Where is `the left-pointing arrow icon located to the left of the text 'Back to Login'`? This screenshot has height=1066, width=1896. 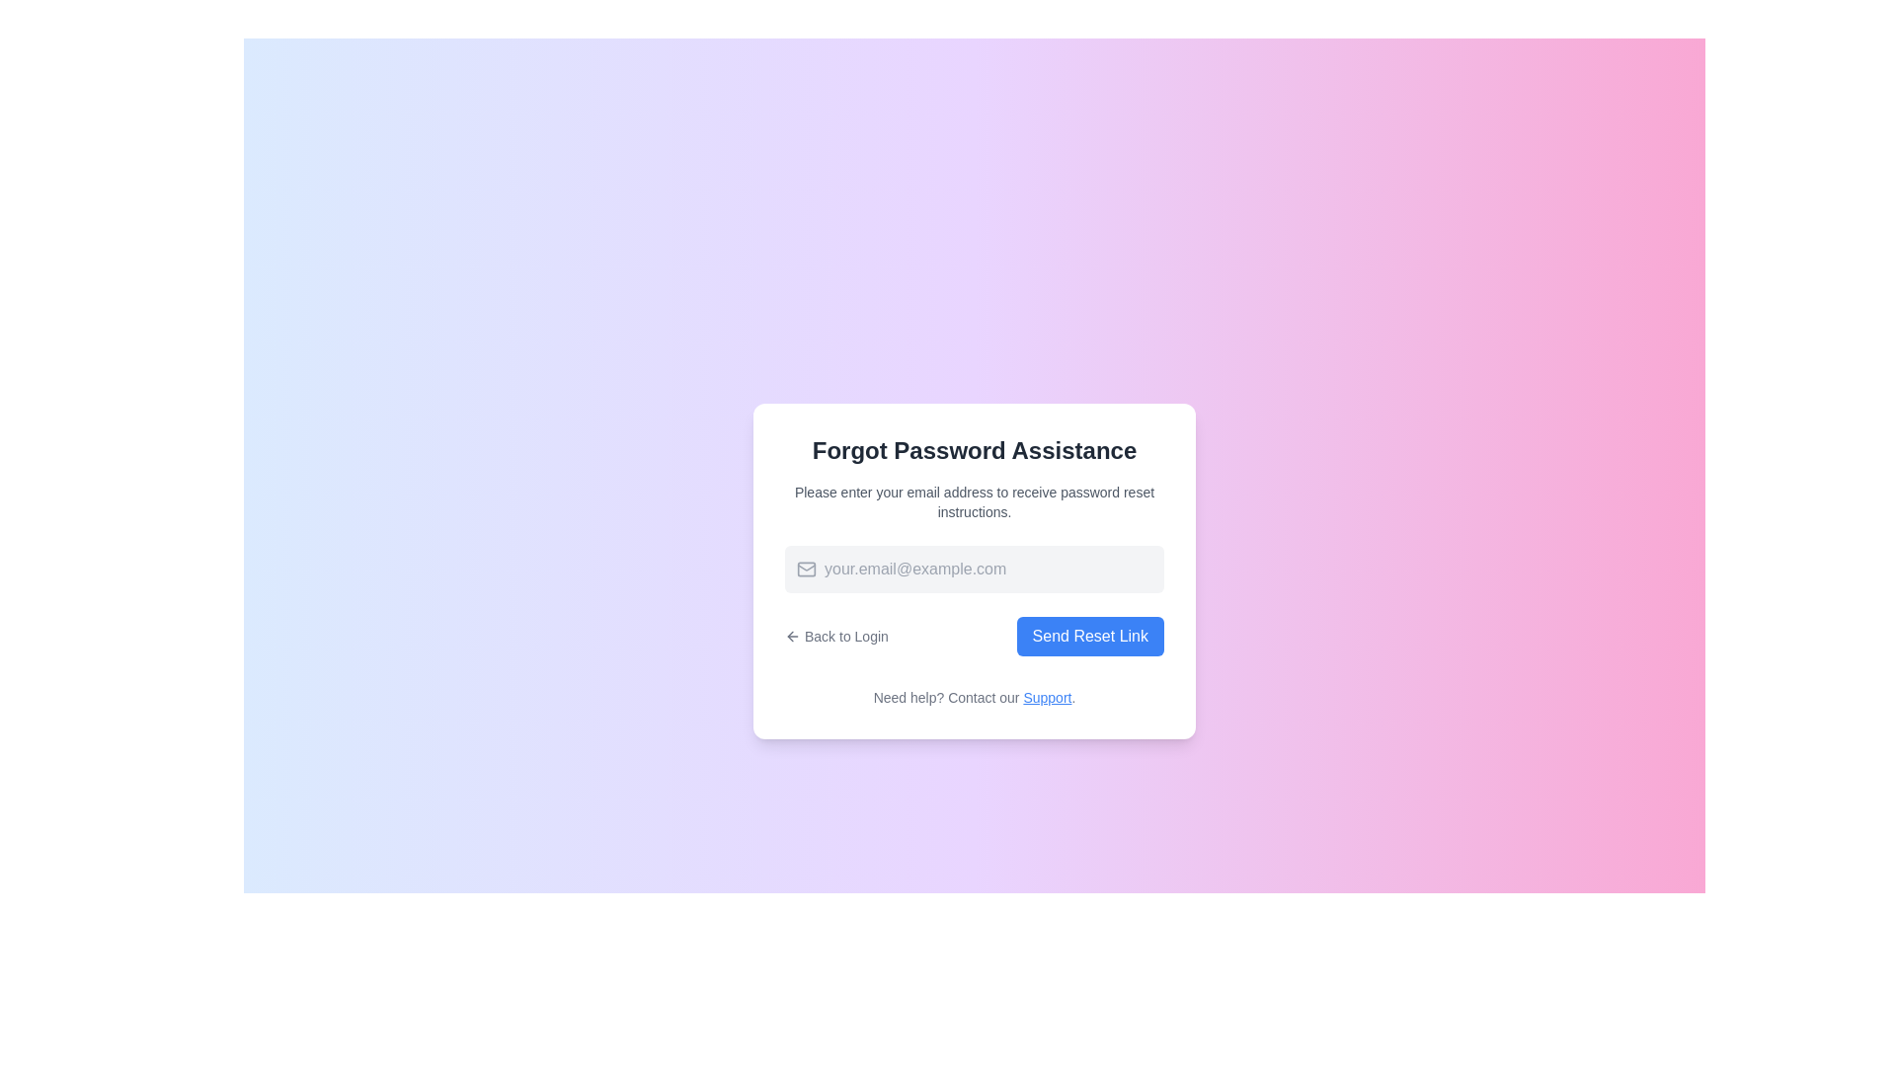 the left-pointing arrow icon located to the left of the text 'Back to Login' is located at coordinates (792, 636).